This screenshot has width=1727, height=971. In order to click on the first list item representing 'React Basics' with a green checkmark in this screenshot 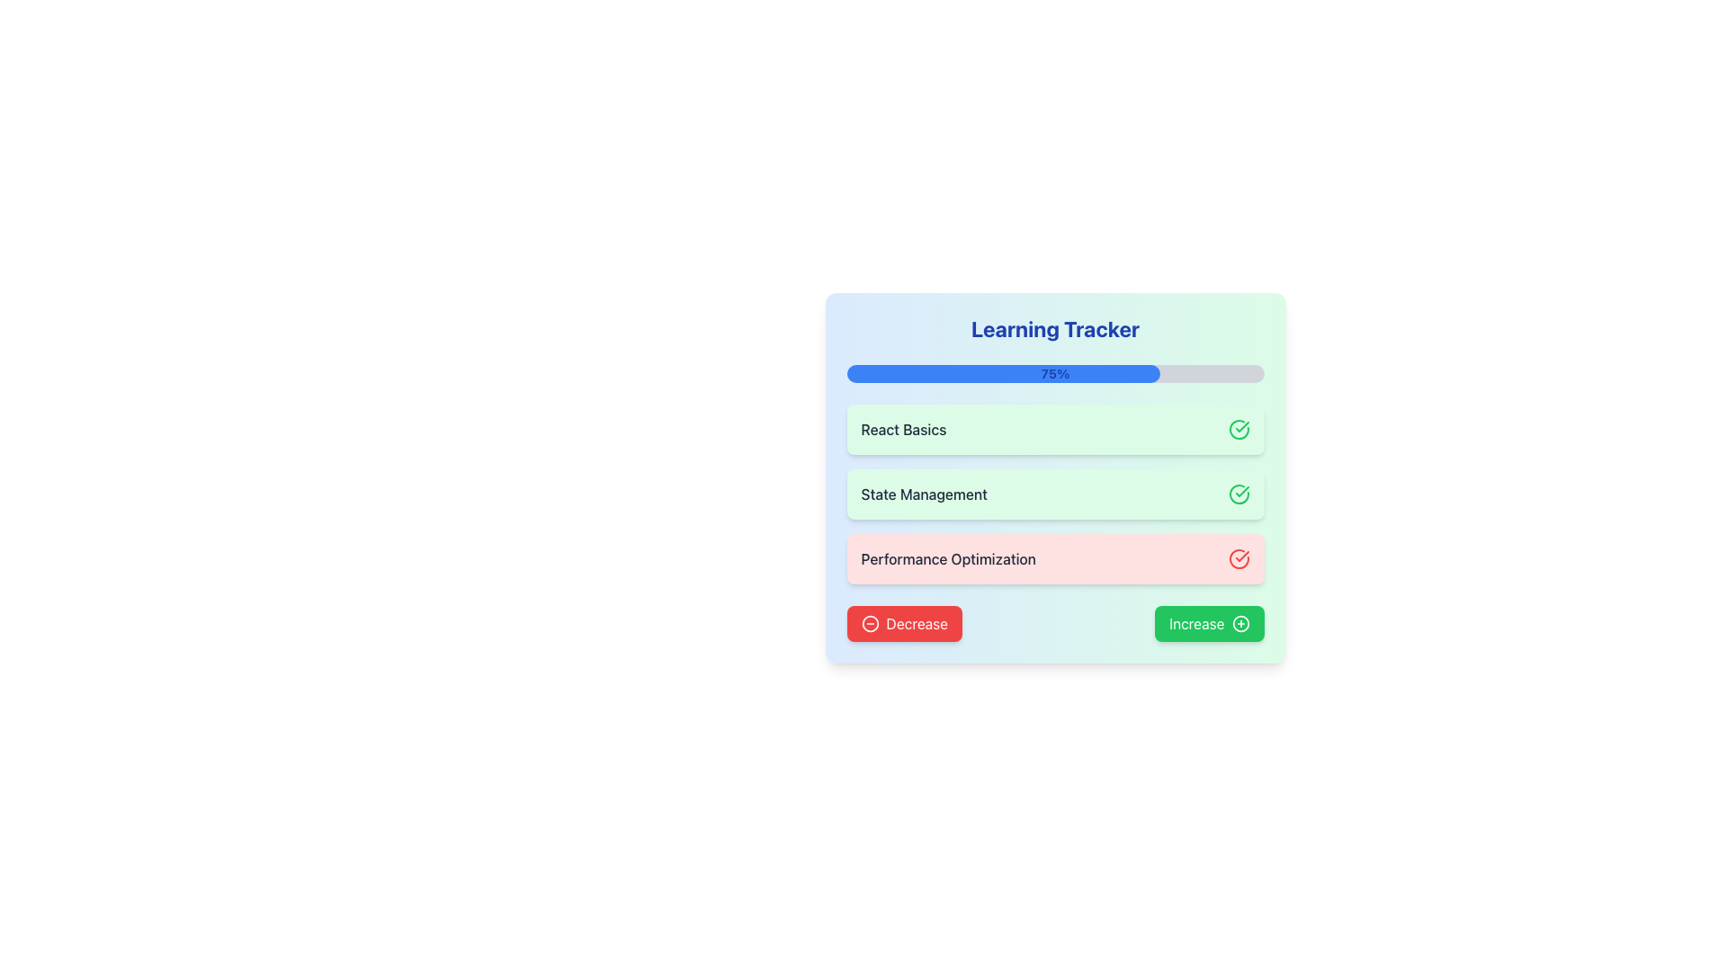, I will do `click(1055, 430)`.